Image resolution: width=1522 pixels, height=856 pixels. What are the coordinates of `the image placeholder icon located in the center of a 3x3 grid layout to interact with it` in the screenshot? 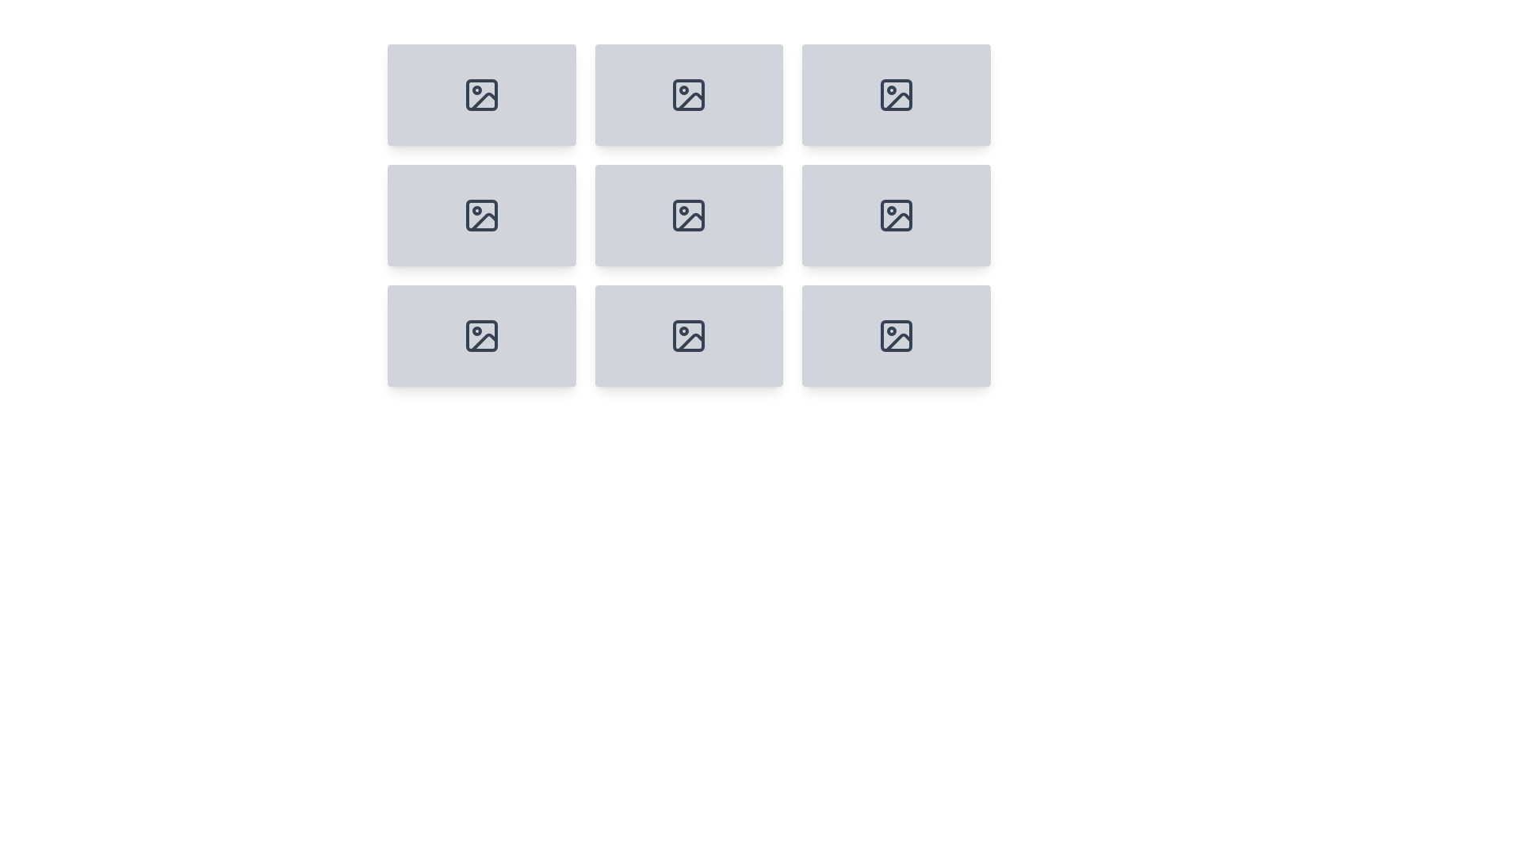 It's located at (689, 335).